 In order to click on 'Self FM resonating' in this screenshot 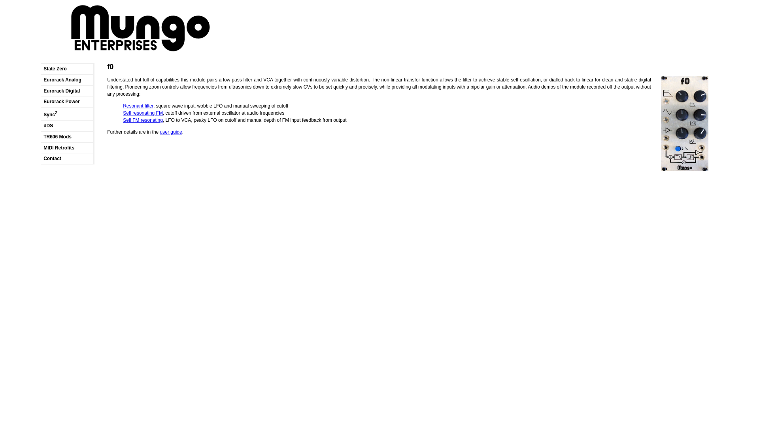, I will do `click(143, 120)`.